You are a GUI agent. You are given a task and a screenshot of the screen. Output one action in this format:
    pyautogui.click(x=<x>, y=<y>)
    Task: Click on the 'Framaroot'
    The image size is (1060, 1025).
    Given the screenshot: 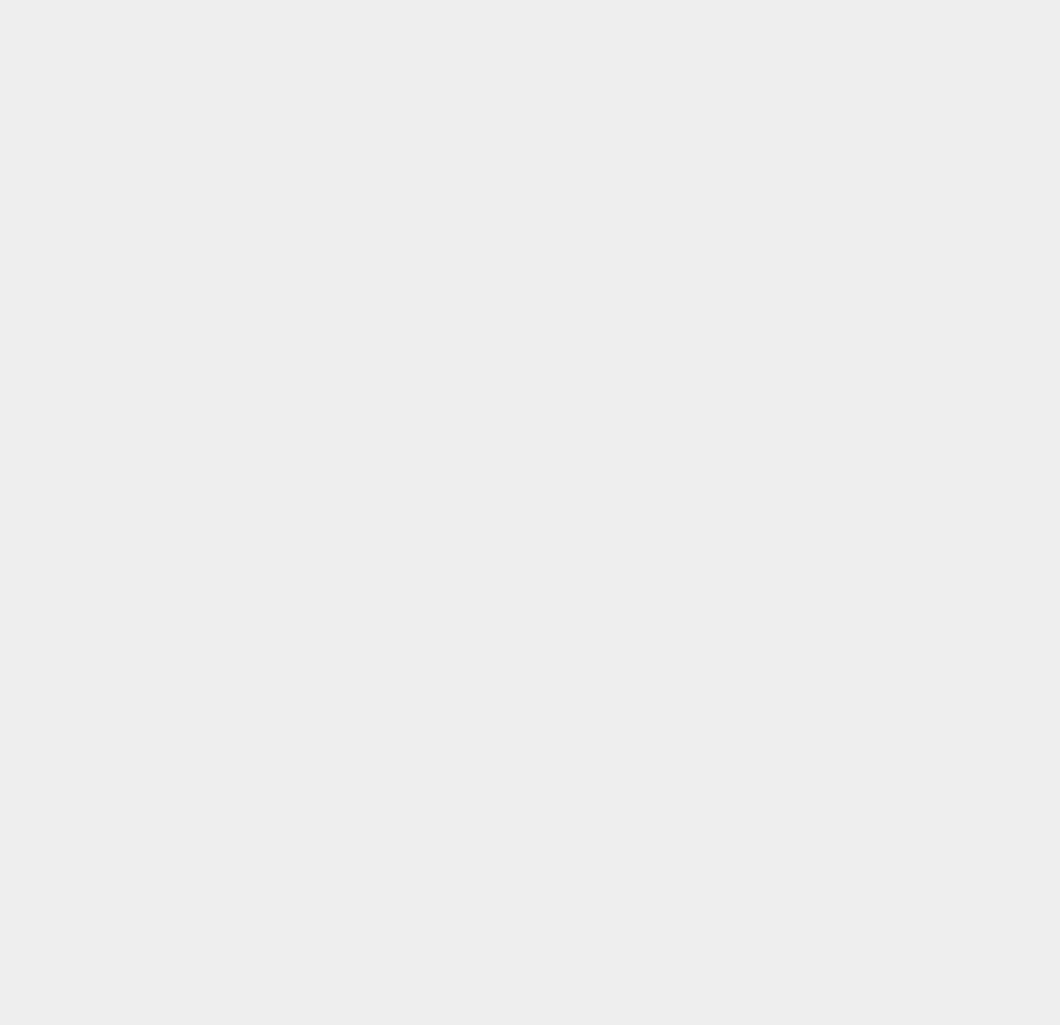 What is the action you would take?
    pyautogui.click(x=782, y=692)
    